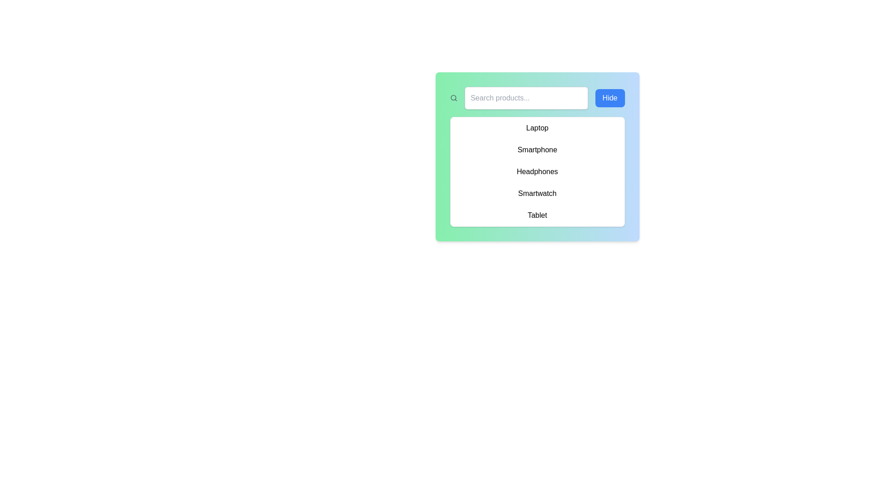 The image size is (874, 491). What do you see at coordinates (537, 150) in the screenshot?
I see `the 'Smartphone' selectable list item` at bounding box center [537, 150].